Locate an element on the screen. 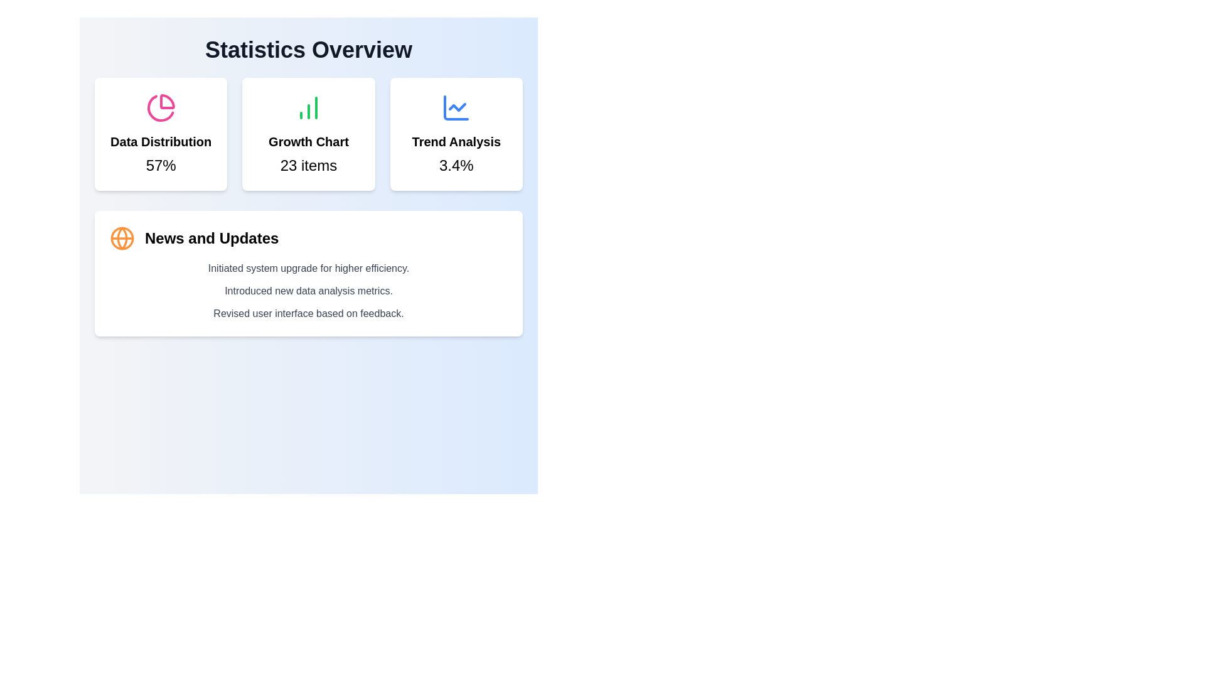 The height and width of the screenshot is (678, 1205). the third text label in the 'News and Updates' section that reads 'Revised user interface based on feedback.' is located at coordinates (308, 313).